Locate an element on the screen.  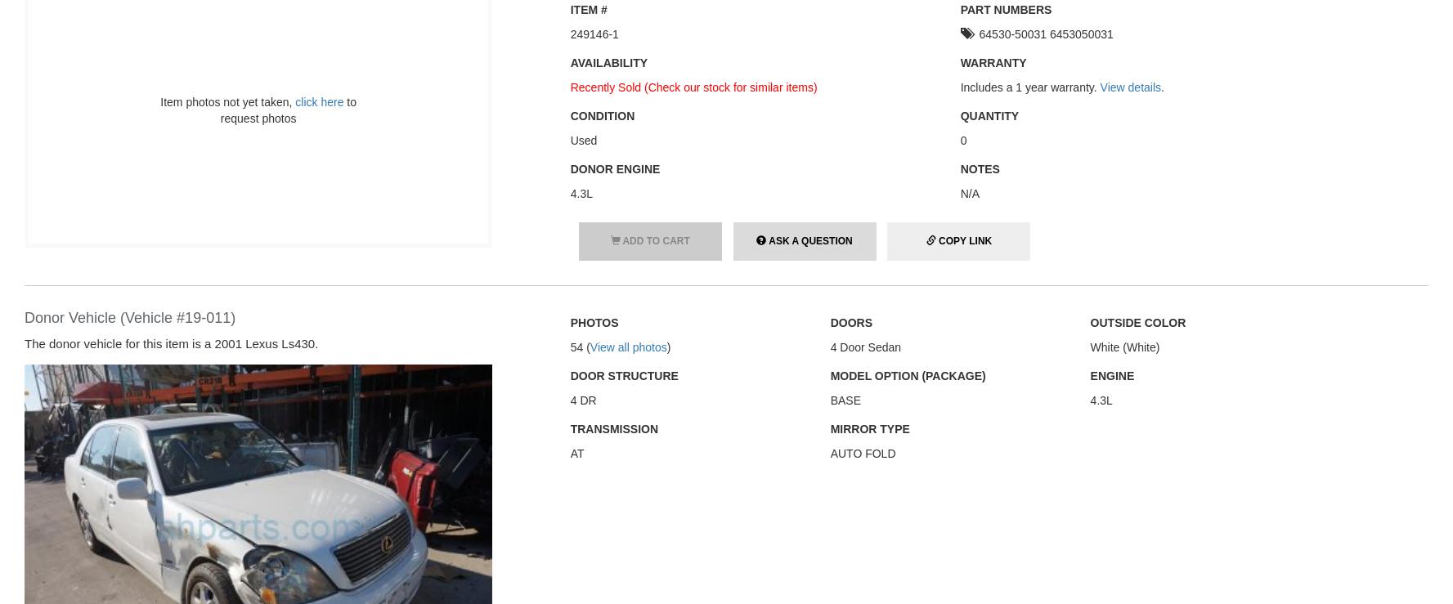
'Availability' is located at coordinates (608, 60).